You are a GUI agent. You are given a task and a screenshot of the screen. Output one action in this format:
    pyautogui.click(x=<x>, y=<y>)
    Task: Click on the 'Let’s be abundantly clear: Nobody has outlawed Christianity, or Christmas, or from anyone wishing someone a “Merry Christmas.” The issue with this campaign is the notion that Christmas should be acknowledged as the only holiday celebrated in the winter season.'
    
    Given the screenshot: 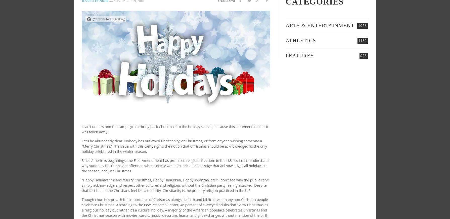 What is the action you would take?
    pyautogui.click(x=174, y=146)
    